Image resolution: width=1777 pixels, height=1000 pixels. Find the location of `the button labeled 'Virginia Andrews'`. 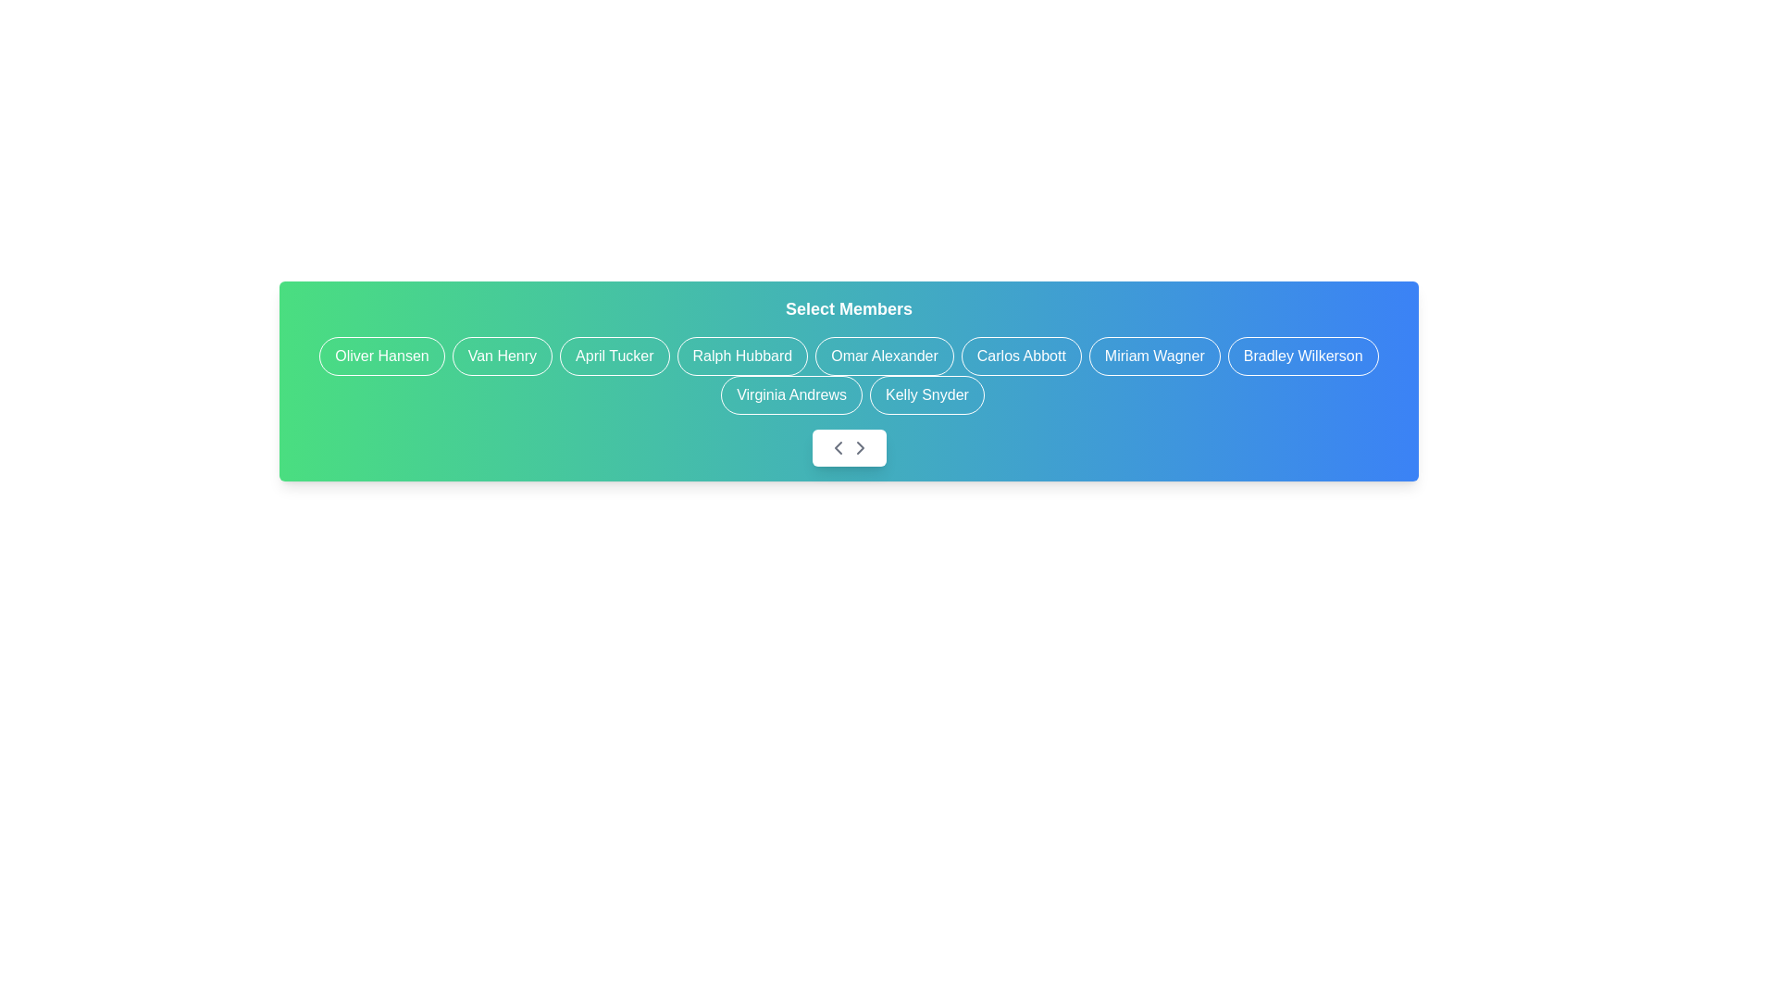

the button labeled 'Virginia Andrews' is located at coordinates (791, 394).